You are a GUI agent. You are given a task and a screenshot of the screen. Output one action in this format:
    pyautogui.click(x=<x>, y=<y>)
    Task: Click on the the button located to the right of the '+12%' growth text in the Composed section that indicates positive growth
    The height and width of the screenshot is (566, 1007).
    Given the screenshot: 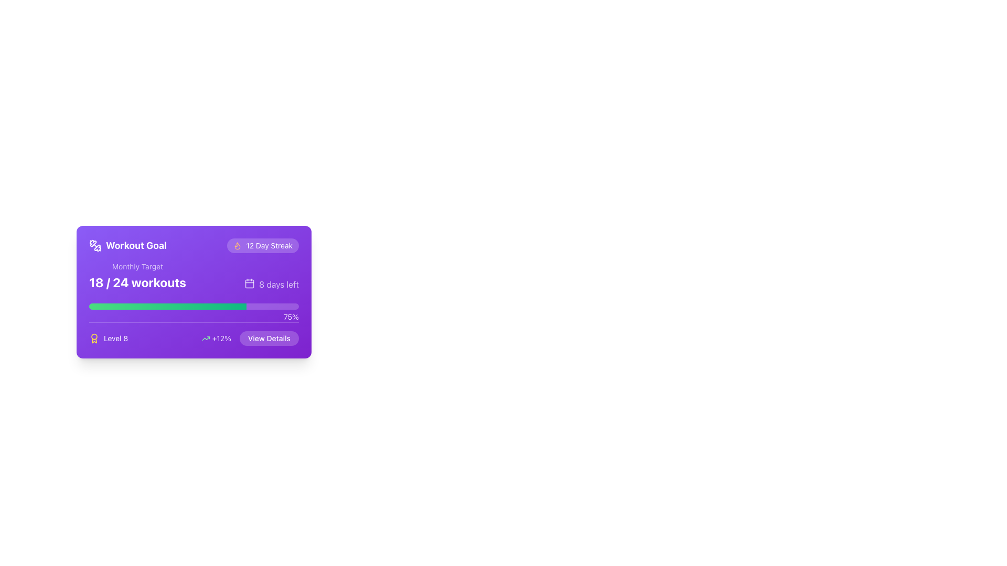 What is the action you would take?
    pyautogui.click(x=250, y=338)
    